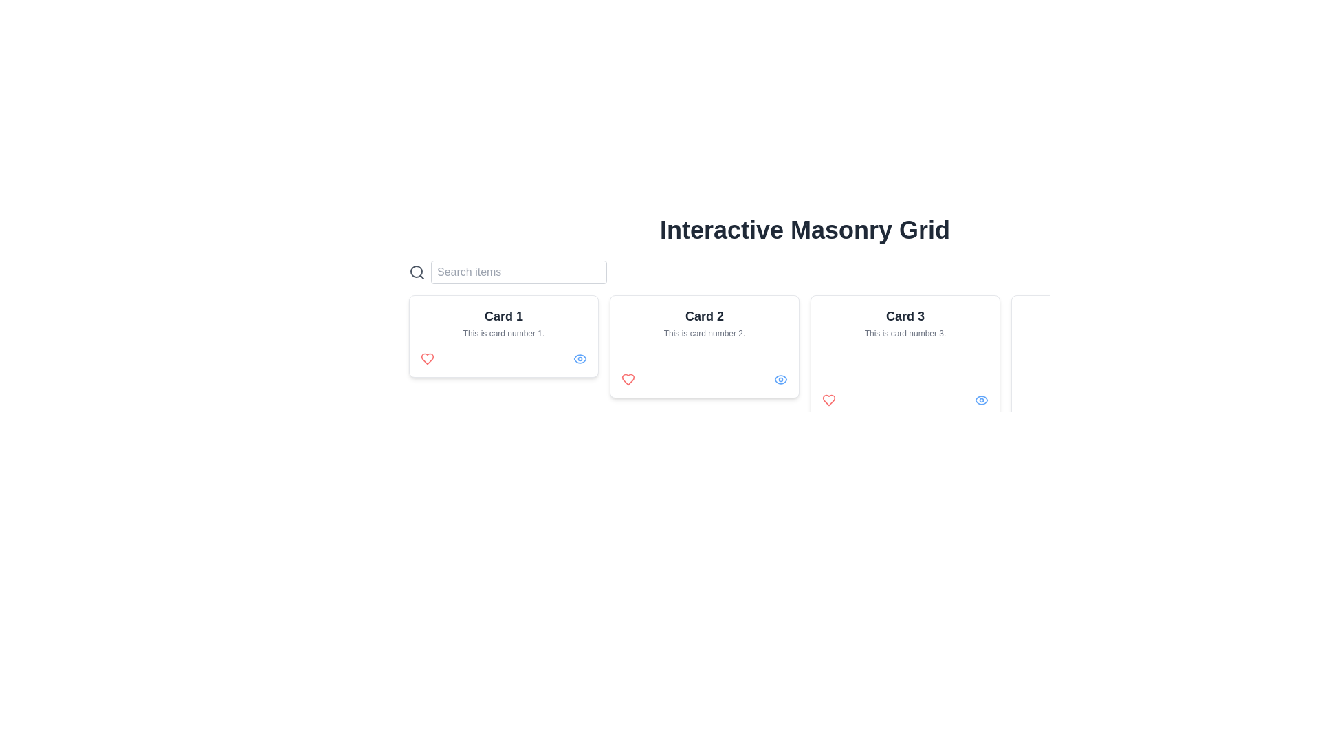 Image resolution: width=1320 pixels, height=743 pixels. I want to click on the magnifying glass icon located at the left side of the search bar near the top-left of the interface, so click(415, 271).